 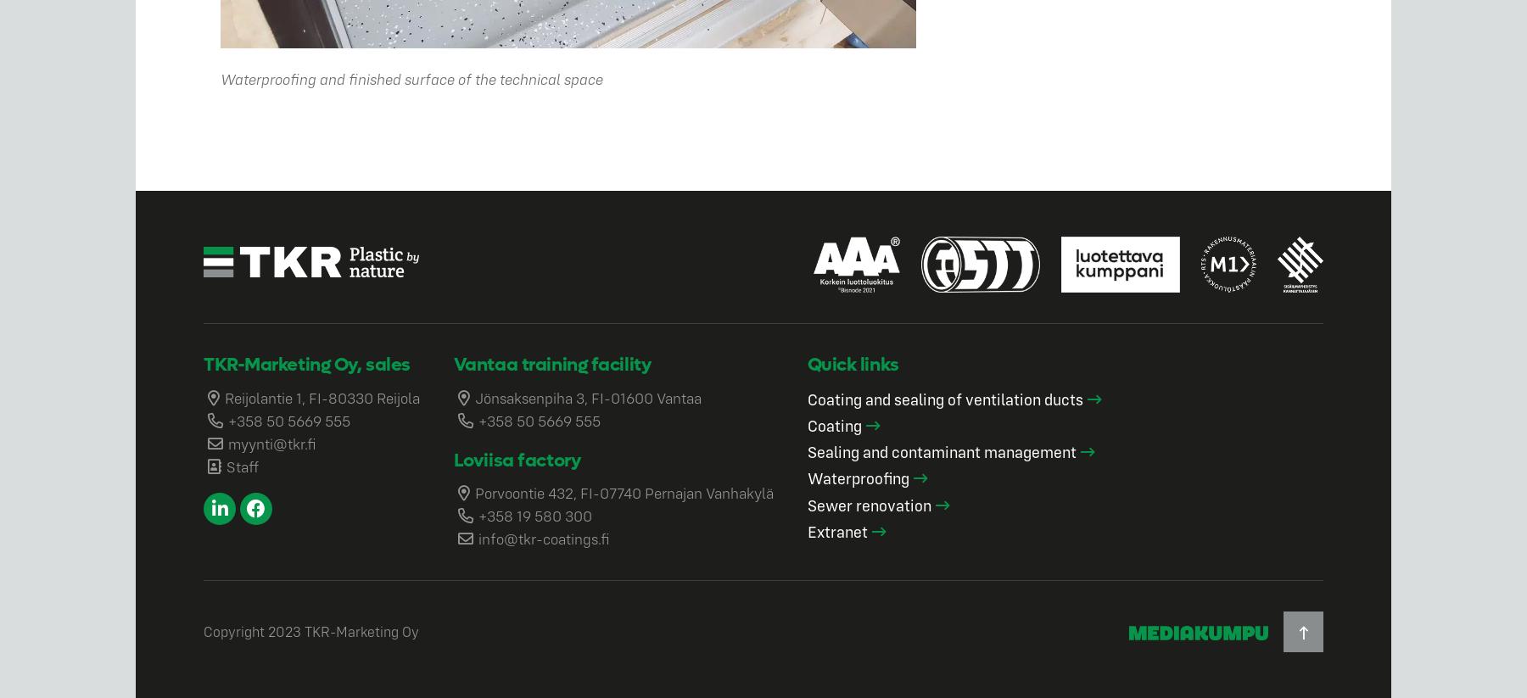 I want to click on 'info@tkr-coatings.fi', so click(x=543, y=538).